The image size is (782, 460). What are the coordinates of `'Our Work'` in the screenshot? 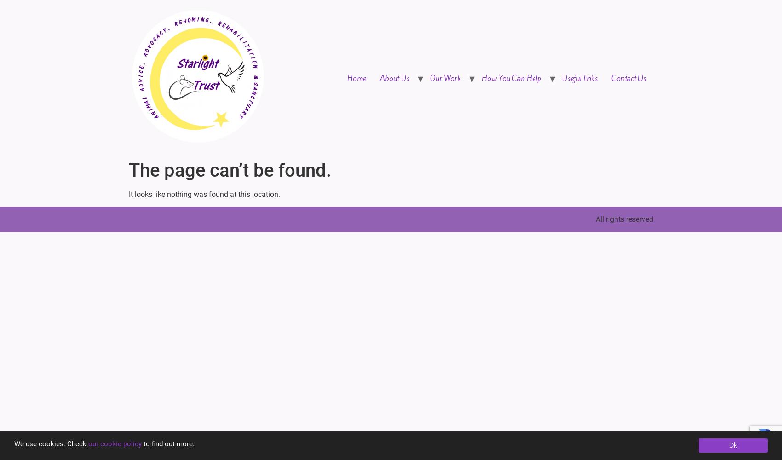 It's located at (445, 78).